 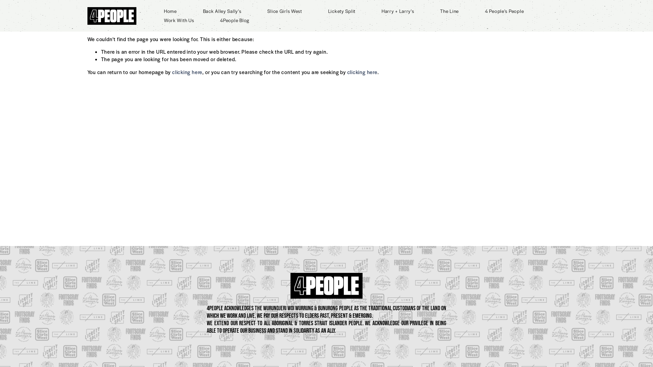 What do you see at coordinates (449, 11) in the screenshot?
I see `'The Line'` at bounding box center [449, 11].